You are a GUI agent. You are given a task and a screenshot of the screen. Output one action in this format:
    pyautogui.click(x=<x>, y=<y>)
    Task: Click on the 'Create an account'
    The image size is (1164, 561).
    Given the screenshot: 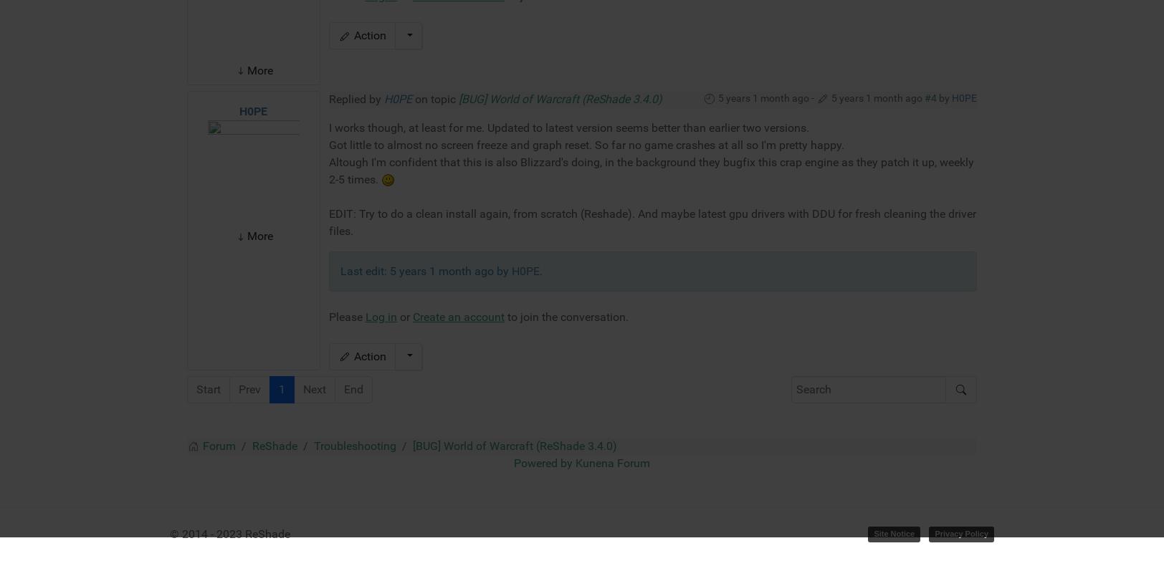 What is the action you would take?
    pyautogui.click(x=458, y=90)
    